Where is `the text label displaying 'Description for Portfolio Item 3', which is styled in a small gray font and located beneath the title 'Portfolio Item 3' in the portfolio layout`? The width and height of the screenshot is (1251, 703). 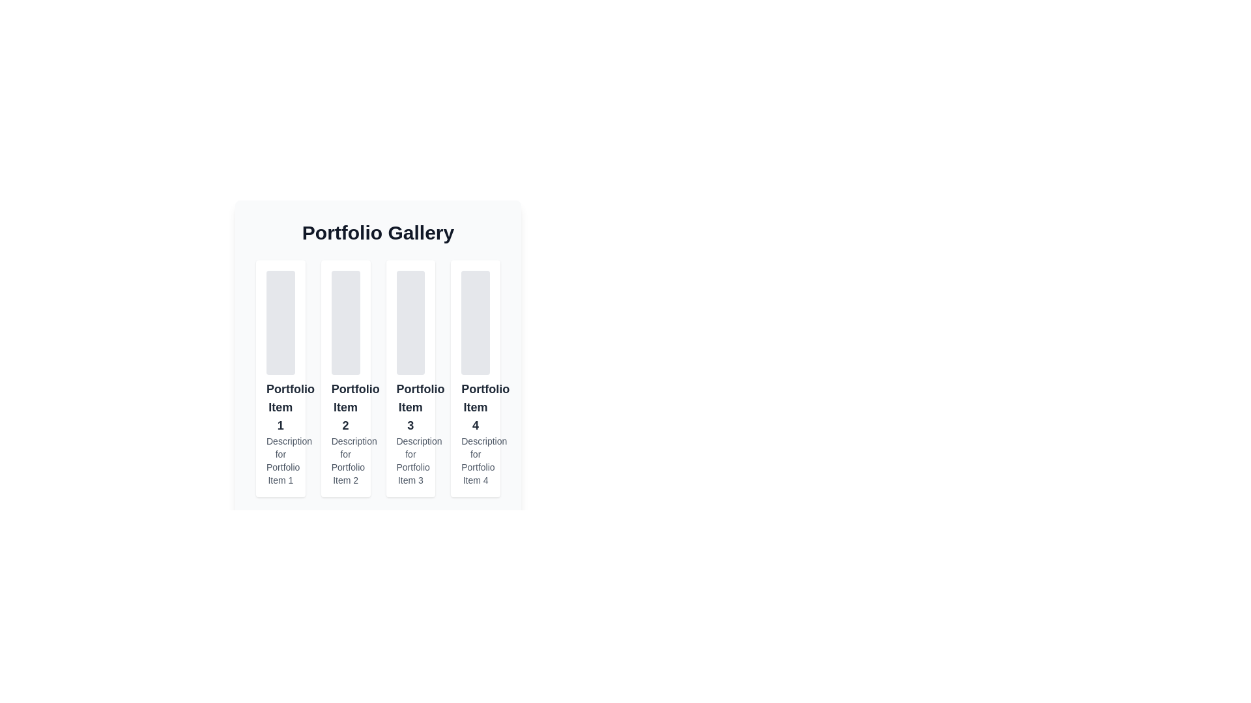 the text label displaying 'Description for Portfolio Item 3', which is styled in a small gray font and located beneath the title 'Portfolio Item 3' in the portfolio layout is located at coordinates (410, 460).